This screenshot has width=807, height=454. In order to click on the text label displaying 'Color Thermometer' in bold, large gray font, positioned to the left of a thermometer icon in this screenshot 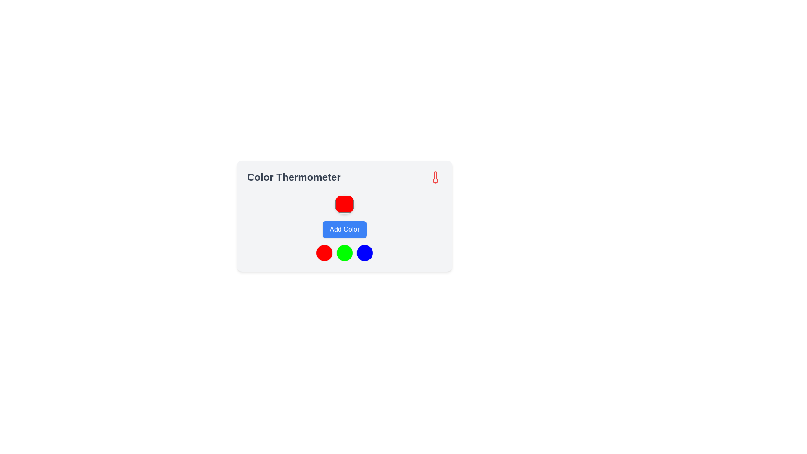, I will do `click(294, 177)`.